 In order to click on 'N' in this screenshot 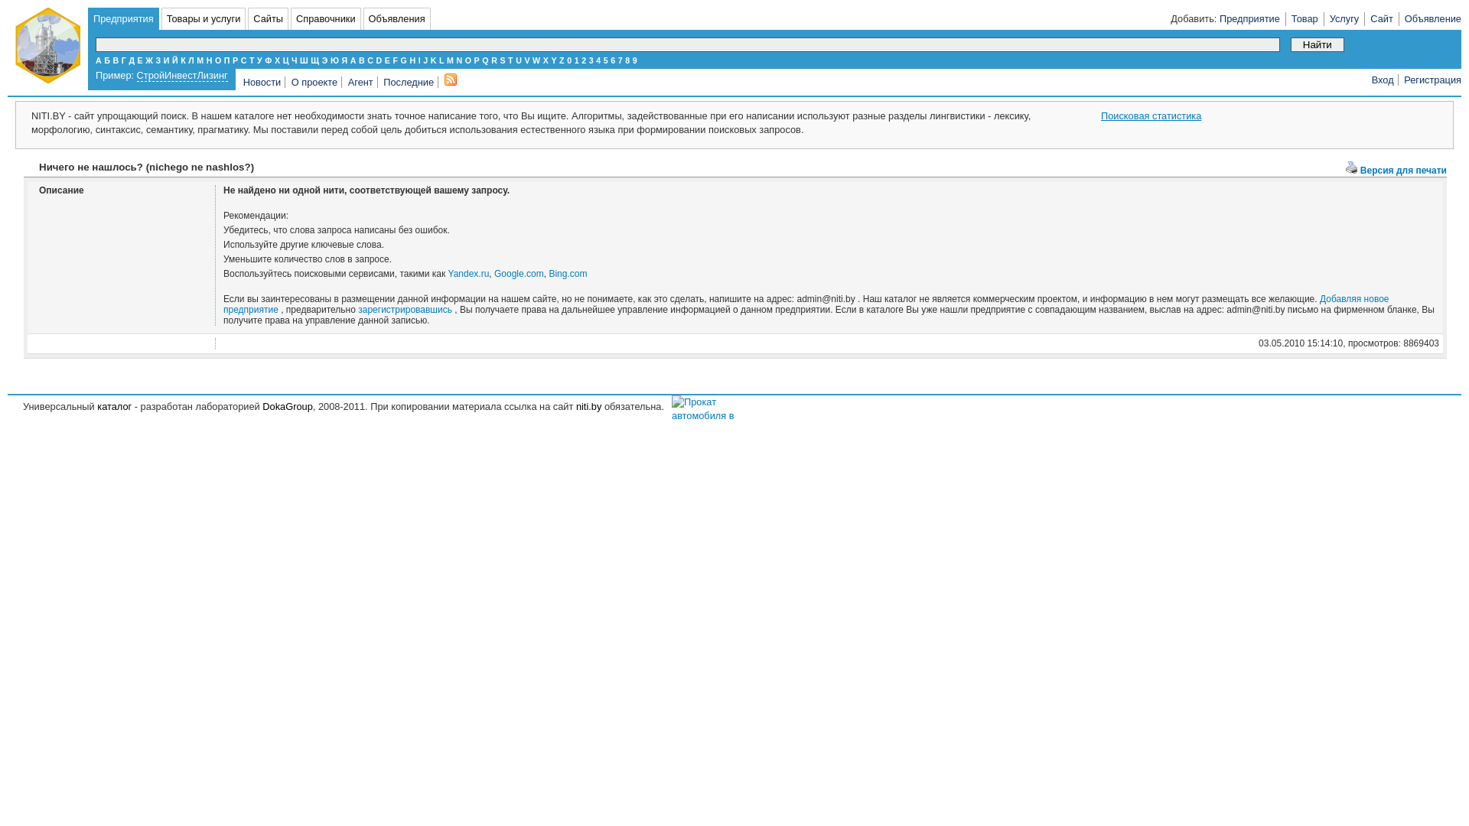, I will do `click(458, 59)`.